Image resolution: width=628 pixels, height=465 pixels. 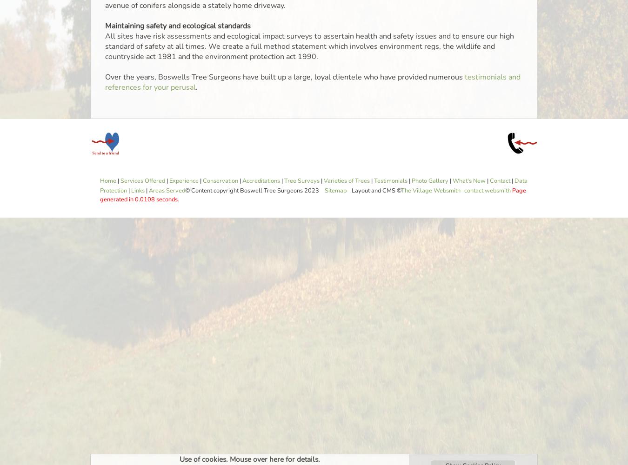 I want to click on 'Services Offered', so click(x=142, y=181).